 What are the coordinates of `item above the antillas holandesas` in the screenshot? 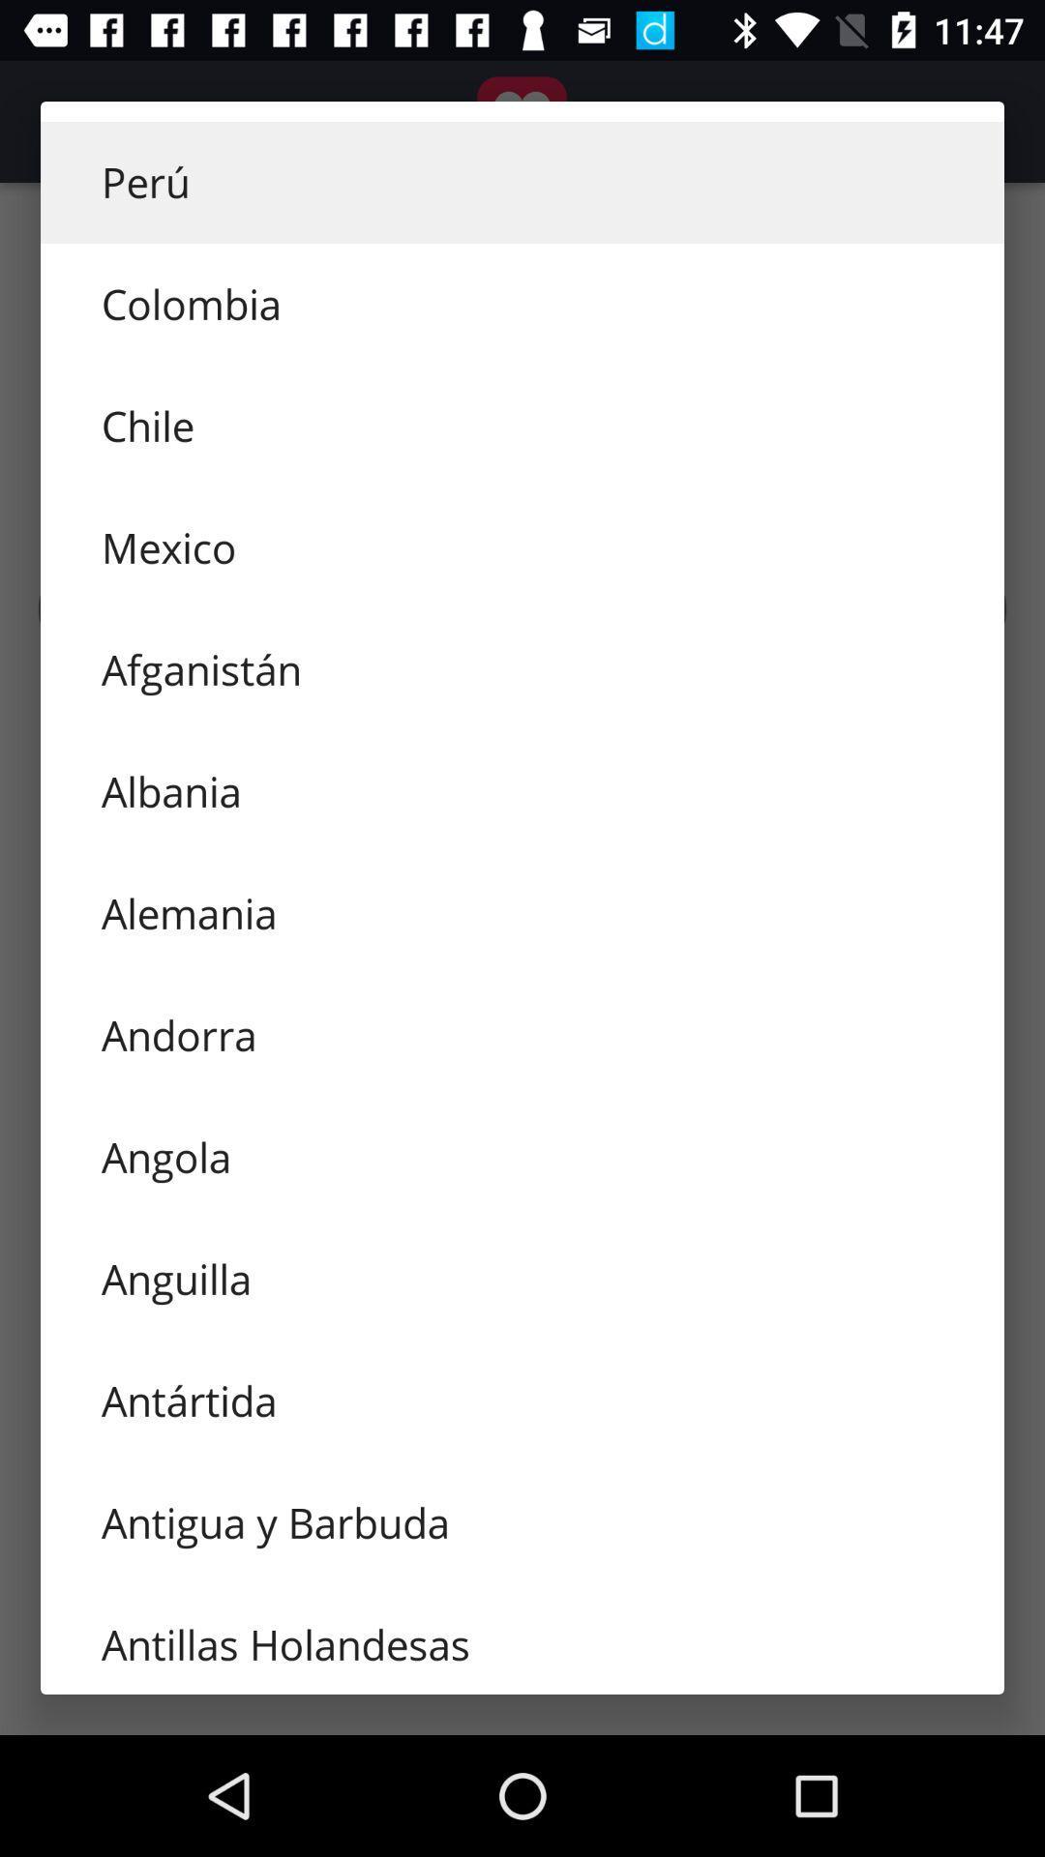 It's located at (522, 1521).